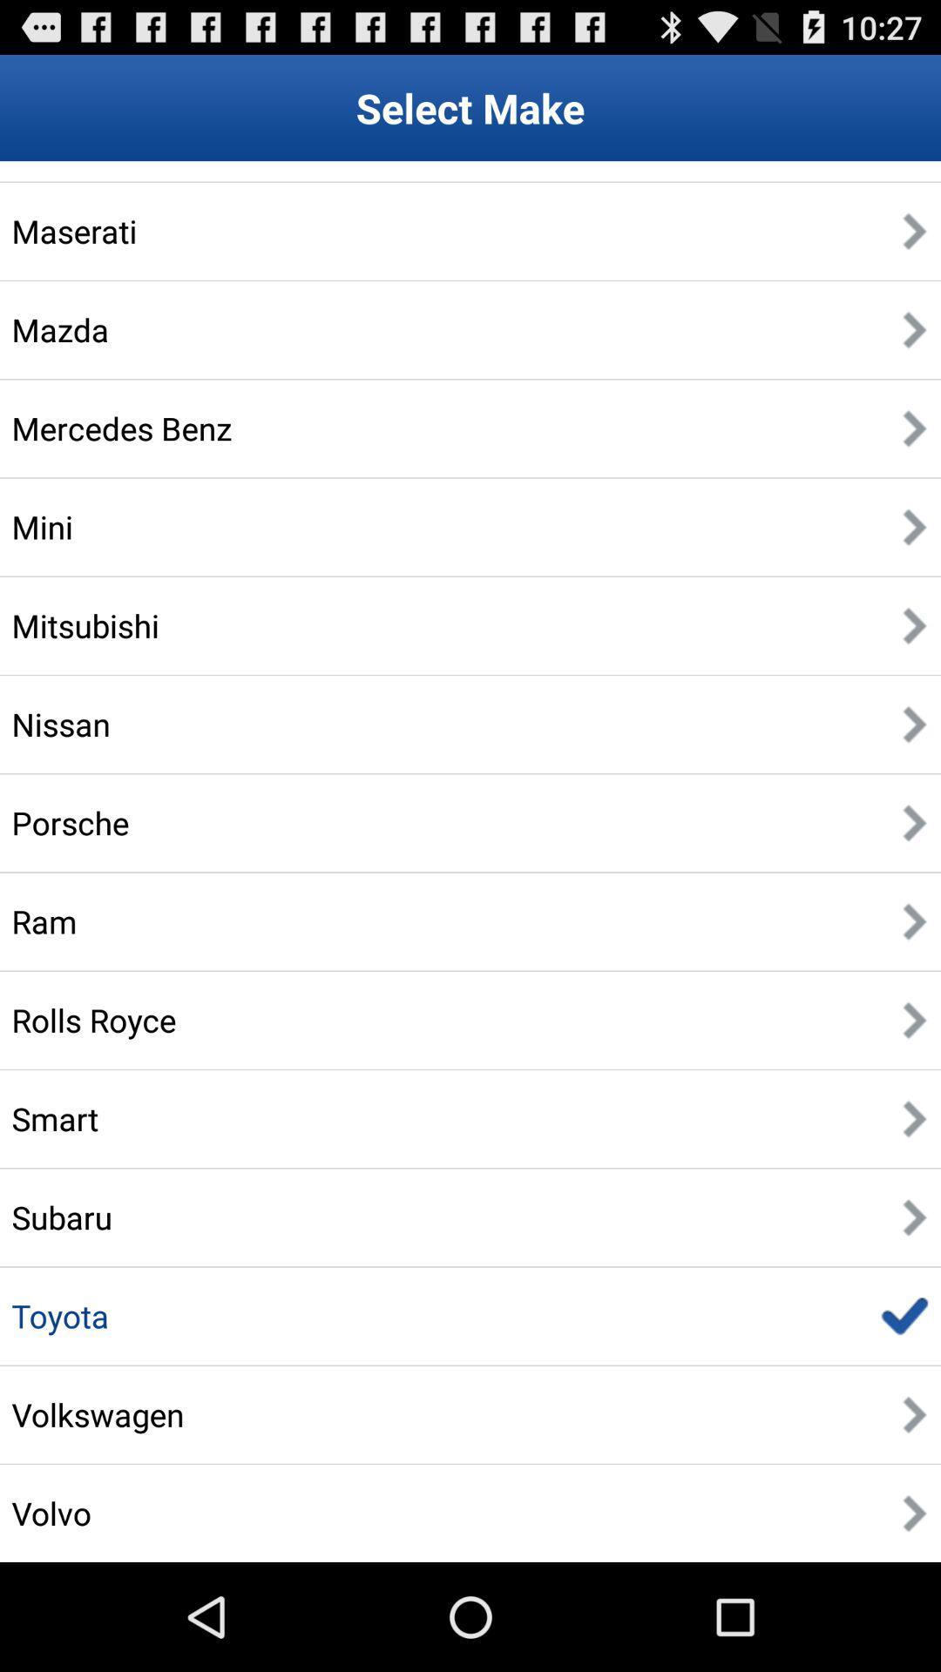  I want to click on the porsche, so click(70, 822).